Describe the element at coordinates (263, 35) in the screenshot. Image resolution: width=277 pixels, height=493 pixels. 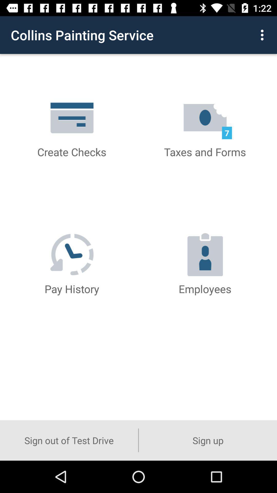
I see `the item above the sign up` at that location.